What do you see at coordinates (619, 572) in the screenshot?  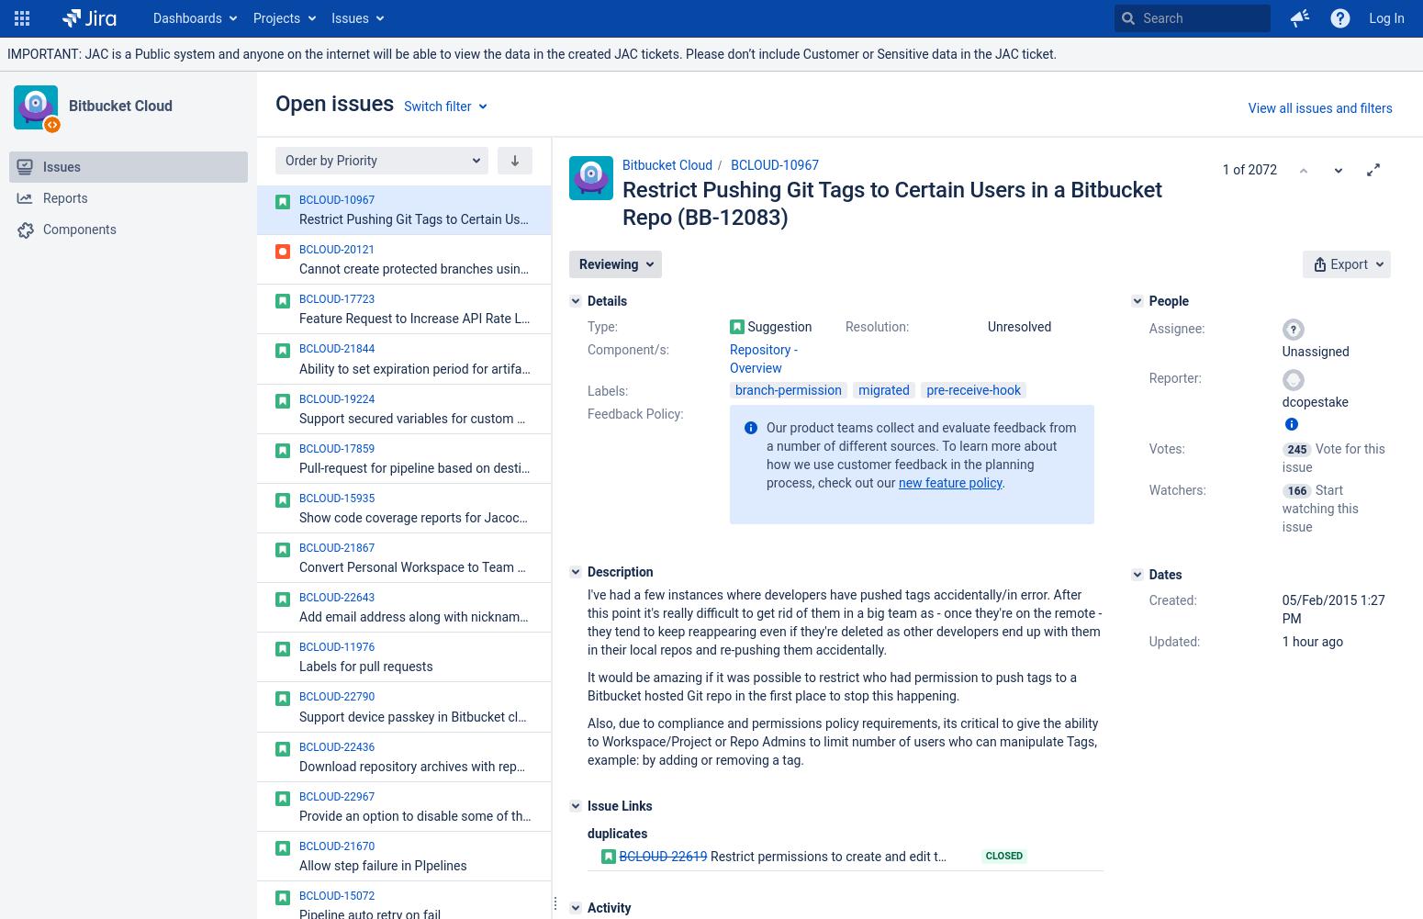 I see `'Description'` at bounding box center [619, 572].